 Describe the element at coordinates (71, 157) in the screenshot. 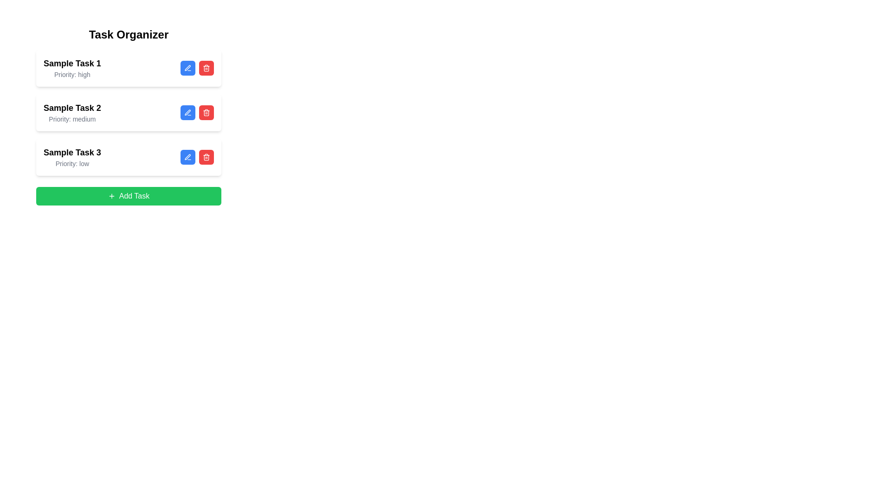

I see `the text display component that represents the third task in the vertical list, located above the 'Add Task' button` at that location.